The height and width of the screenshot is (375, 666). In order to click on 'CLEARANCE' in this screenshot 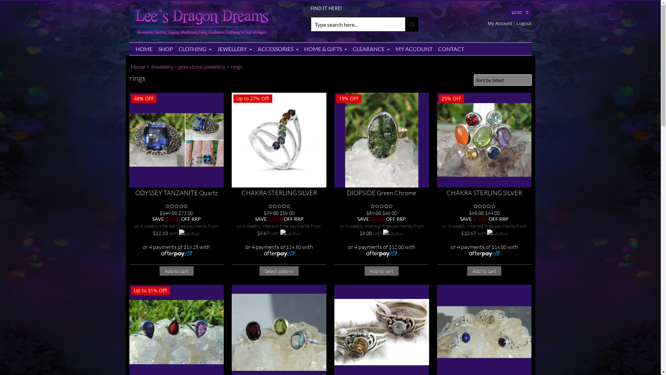, I will do `click(370, 49)`.